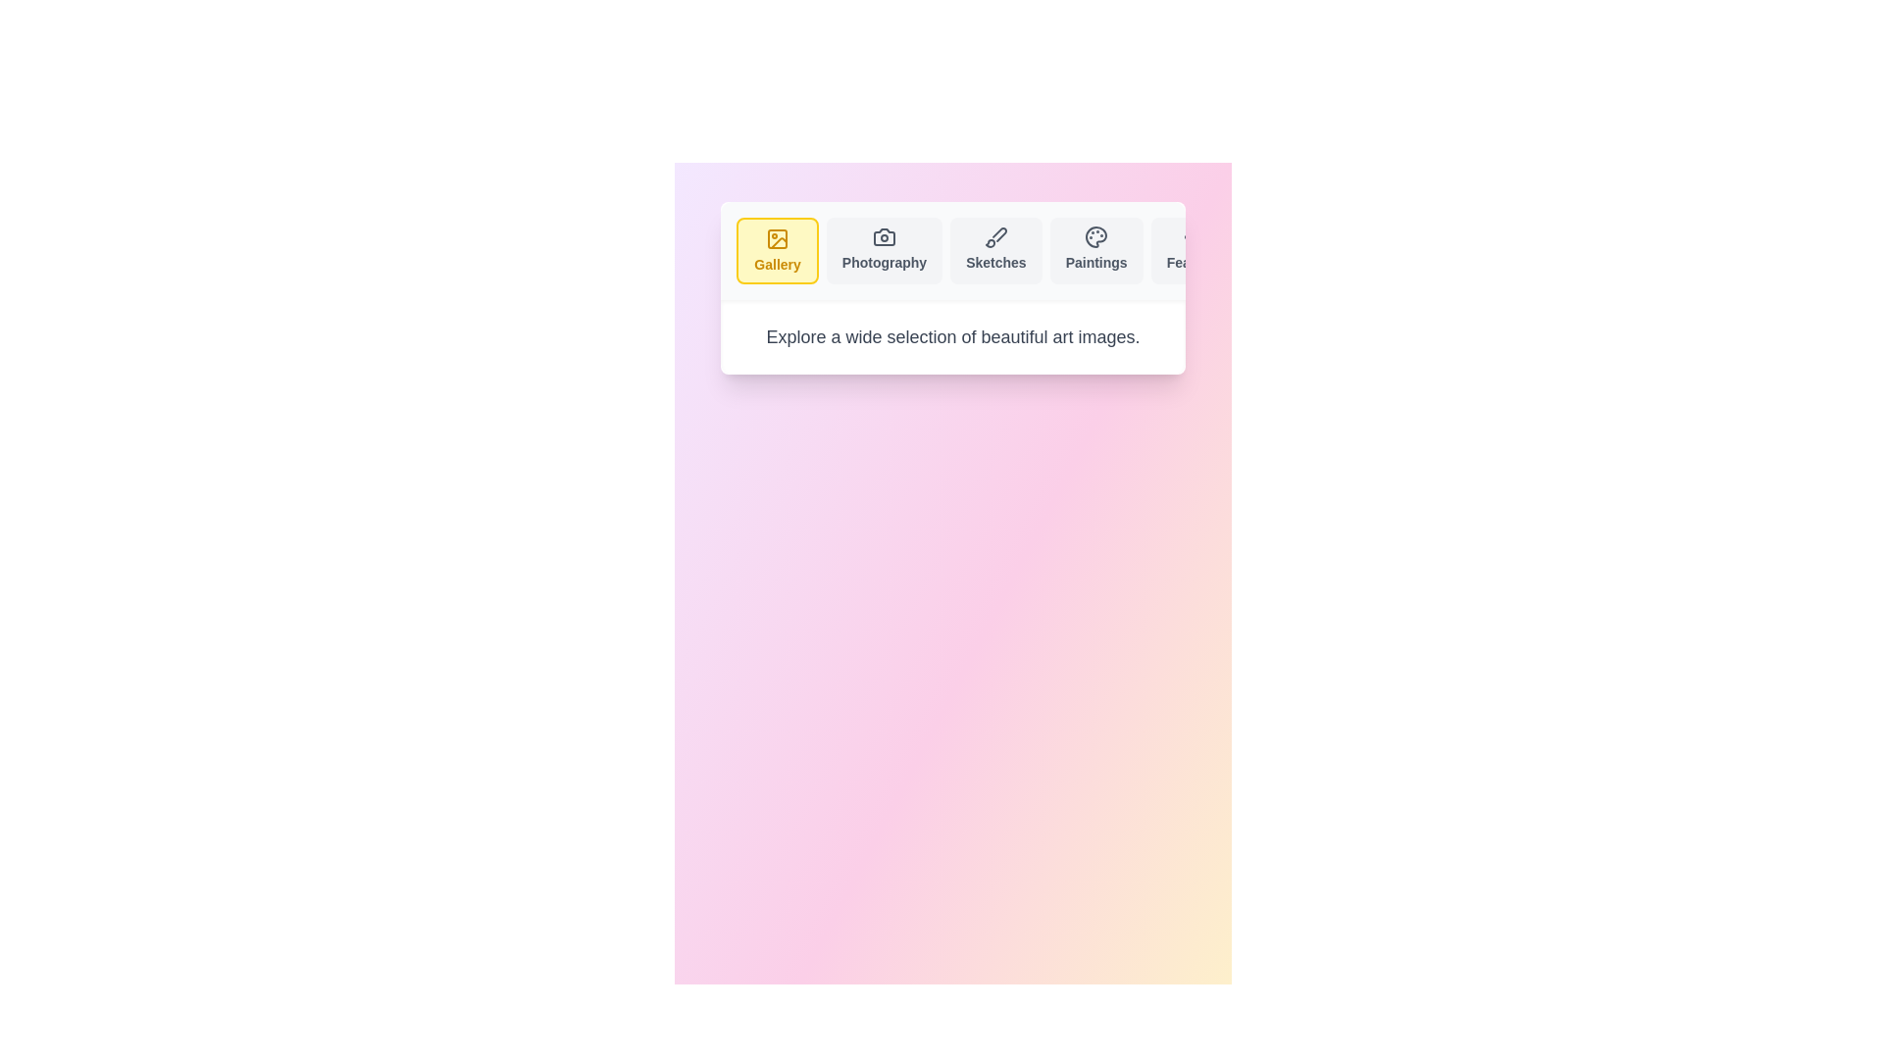 This screenshot has width=1883, height=1059. What do you see at coordinates (1195, 249) in the screenshot?
I see `the tab labeled Featured` at bounding box center [1195, 249].